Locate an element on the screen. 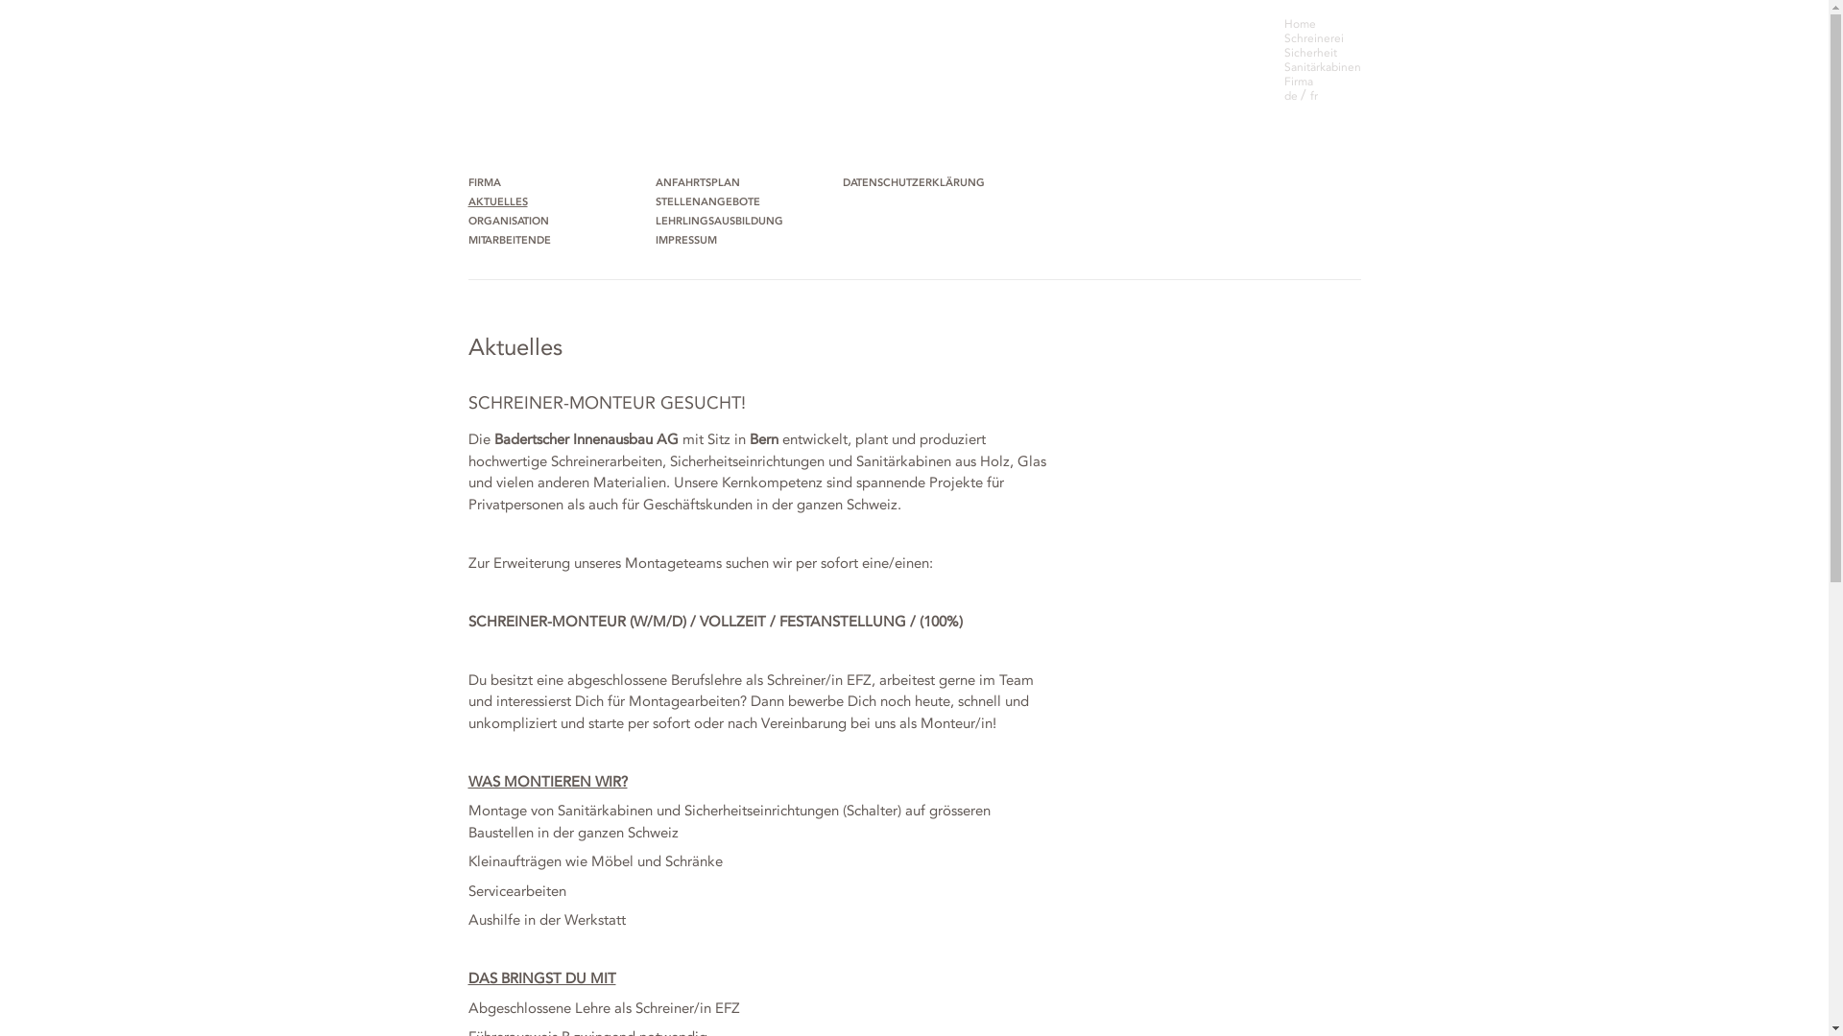 Image resolution: width=1843 pixels, height=1036 pixels. 'IMPRESSUM' is located at coordinates (686, 240).